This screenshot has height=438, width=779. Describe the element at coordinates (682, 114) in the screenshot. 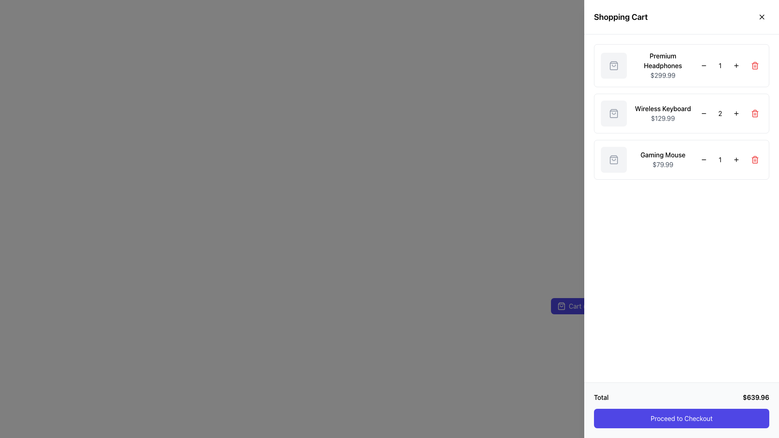

I see `the second product list card in the shopping cart interface, which displays 'Wireless Keyboard' and includes quantity adjustment buttons and a trash icon` at that location.